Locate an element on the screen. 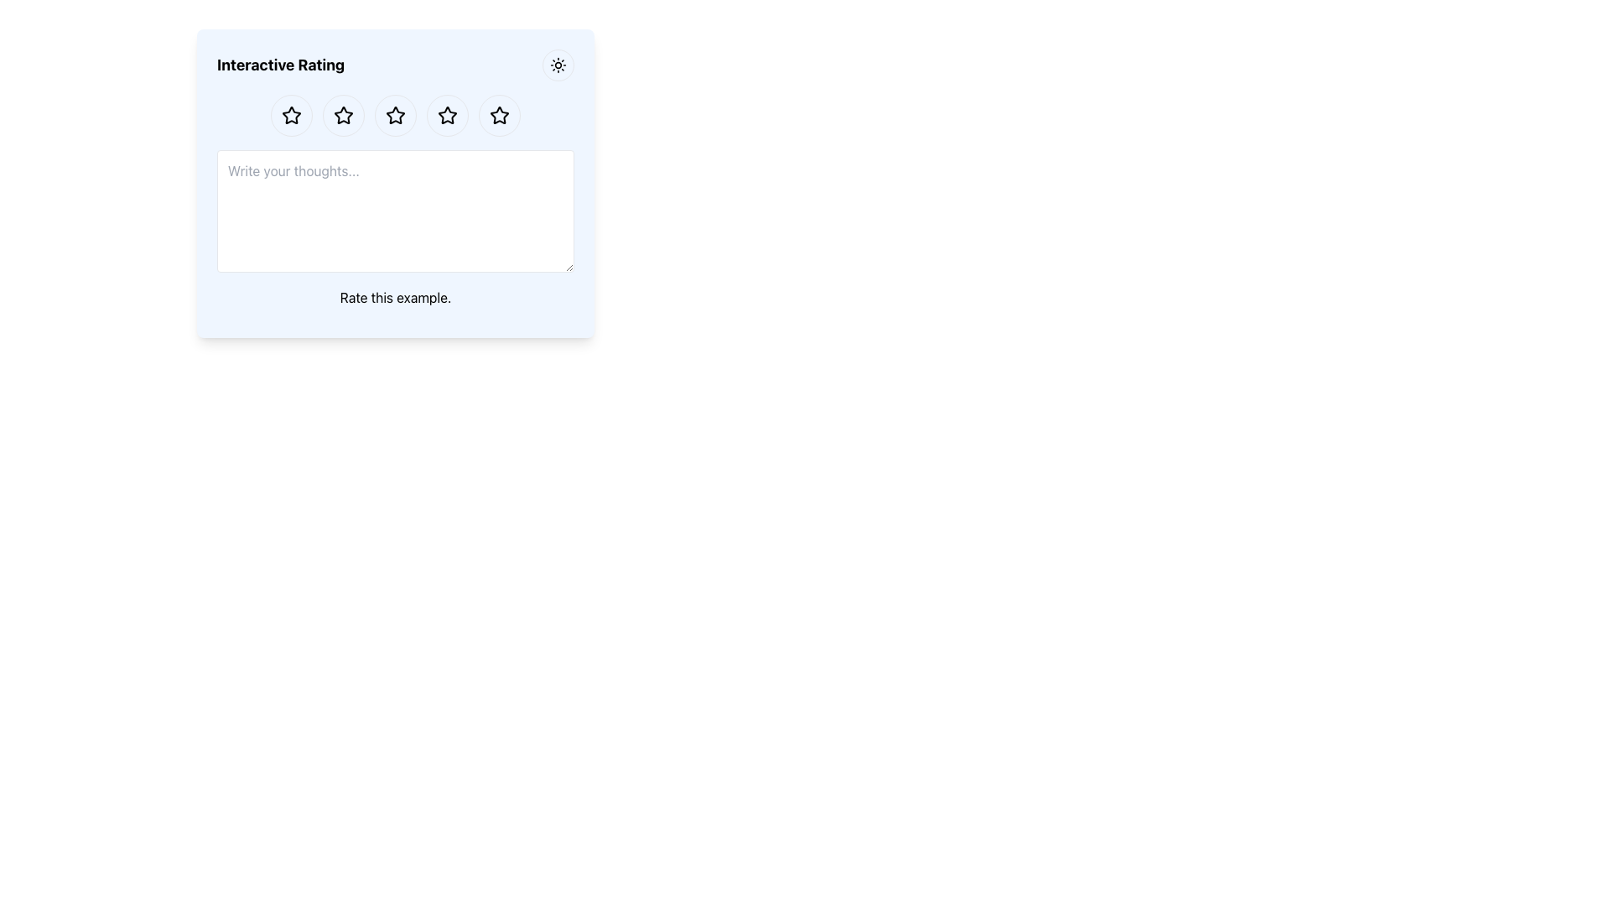 The width and height of the screenshot is (1610, 906). the third star rating icon is located at coordinates (394, 114).